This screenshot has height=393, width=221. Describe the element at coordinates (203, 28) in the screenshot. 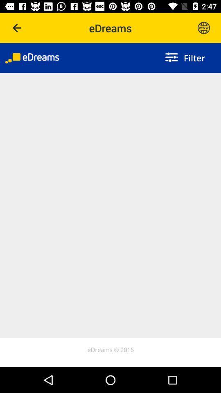

I see `edreams website` at that location.